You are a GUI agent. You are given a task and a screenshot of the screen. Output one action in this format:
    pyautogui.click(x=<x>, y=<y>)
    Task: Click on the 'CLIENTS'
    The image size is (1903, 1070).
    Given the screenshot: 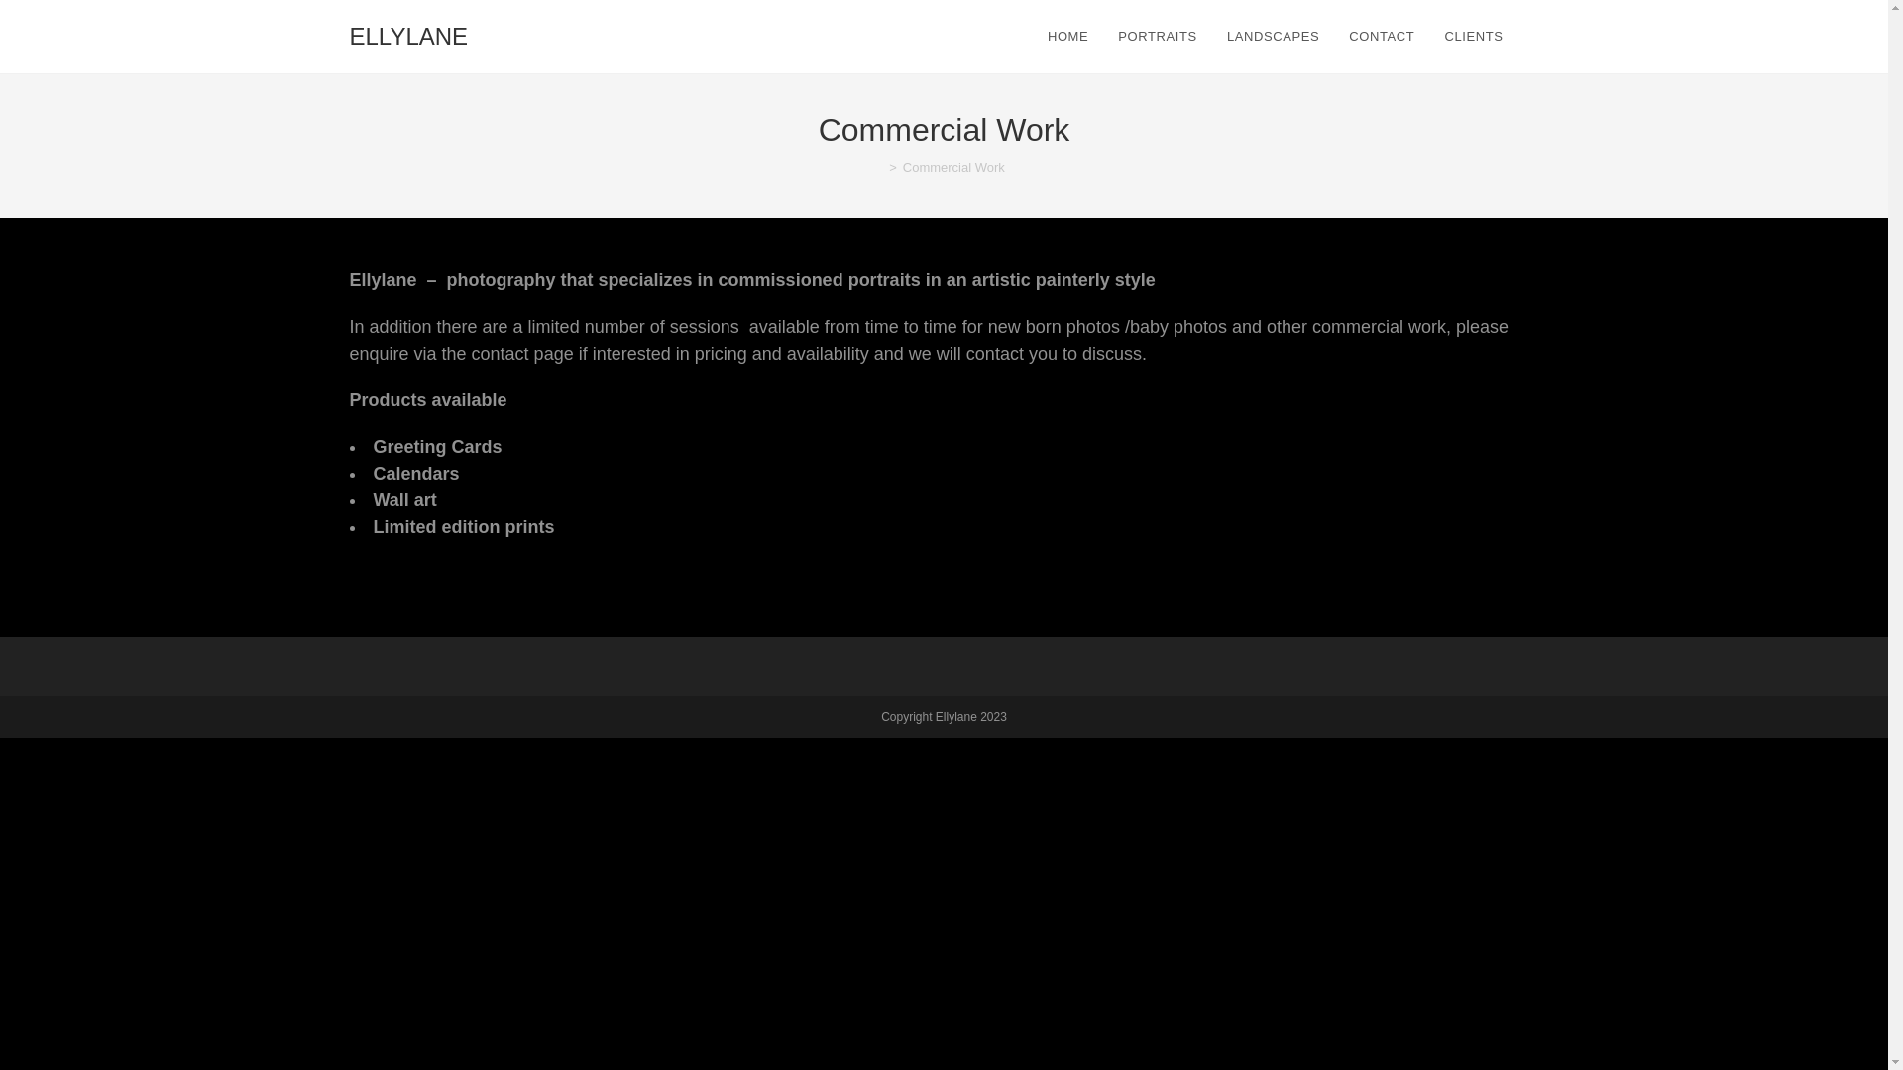 What is the action you would take?
    pyautogui.click(x=1476, y=37)
    